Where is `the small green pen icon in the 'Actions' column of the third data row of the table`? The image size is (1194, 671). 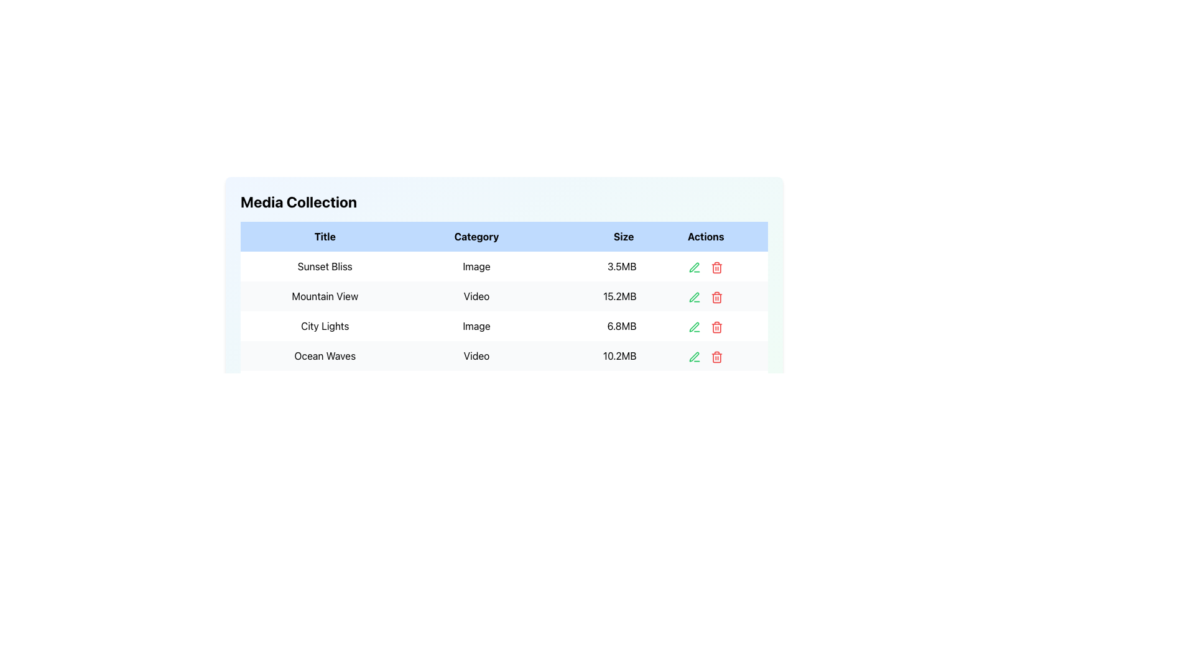 the small green pen icon in the 'Actions' column of the third data row of the table is located at coordinates (694, 326).